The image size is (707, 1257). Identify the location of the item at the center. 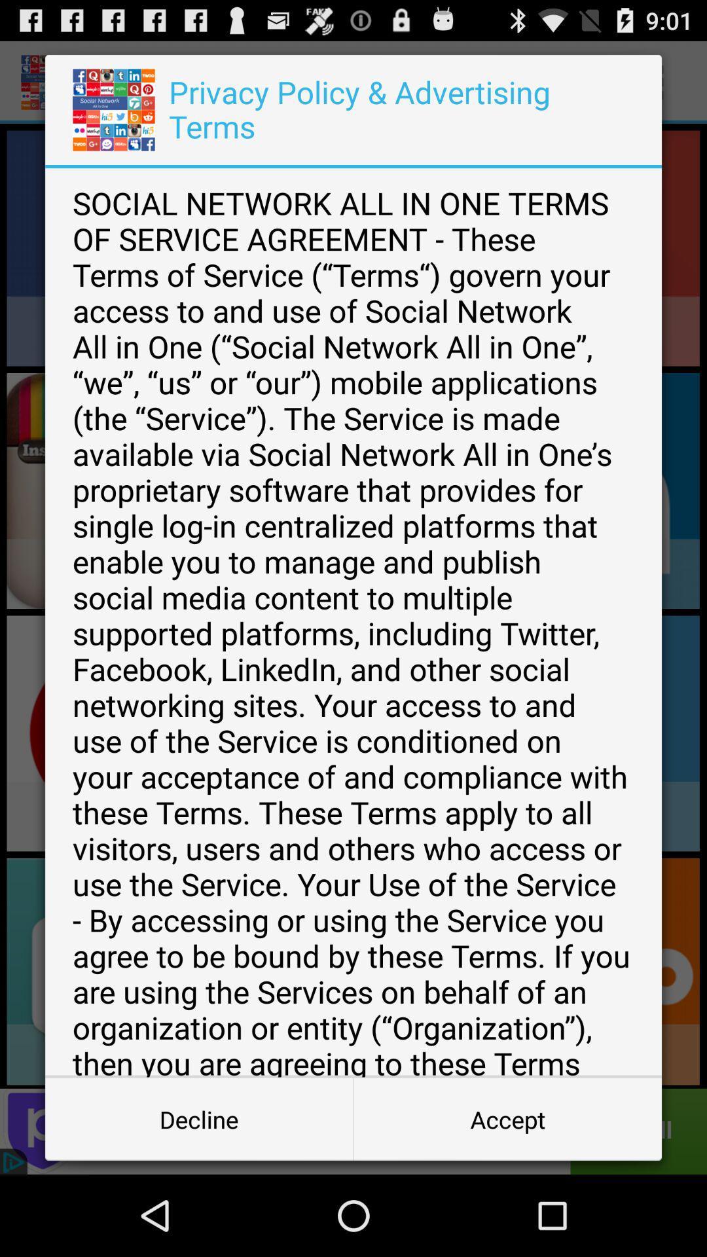
(353, 622).